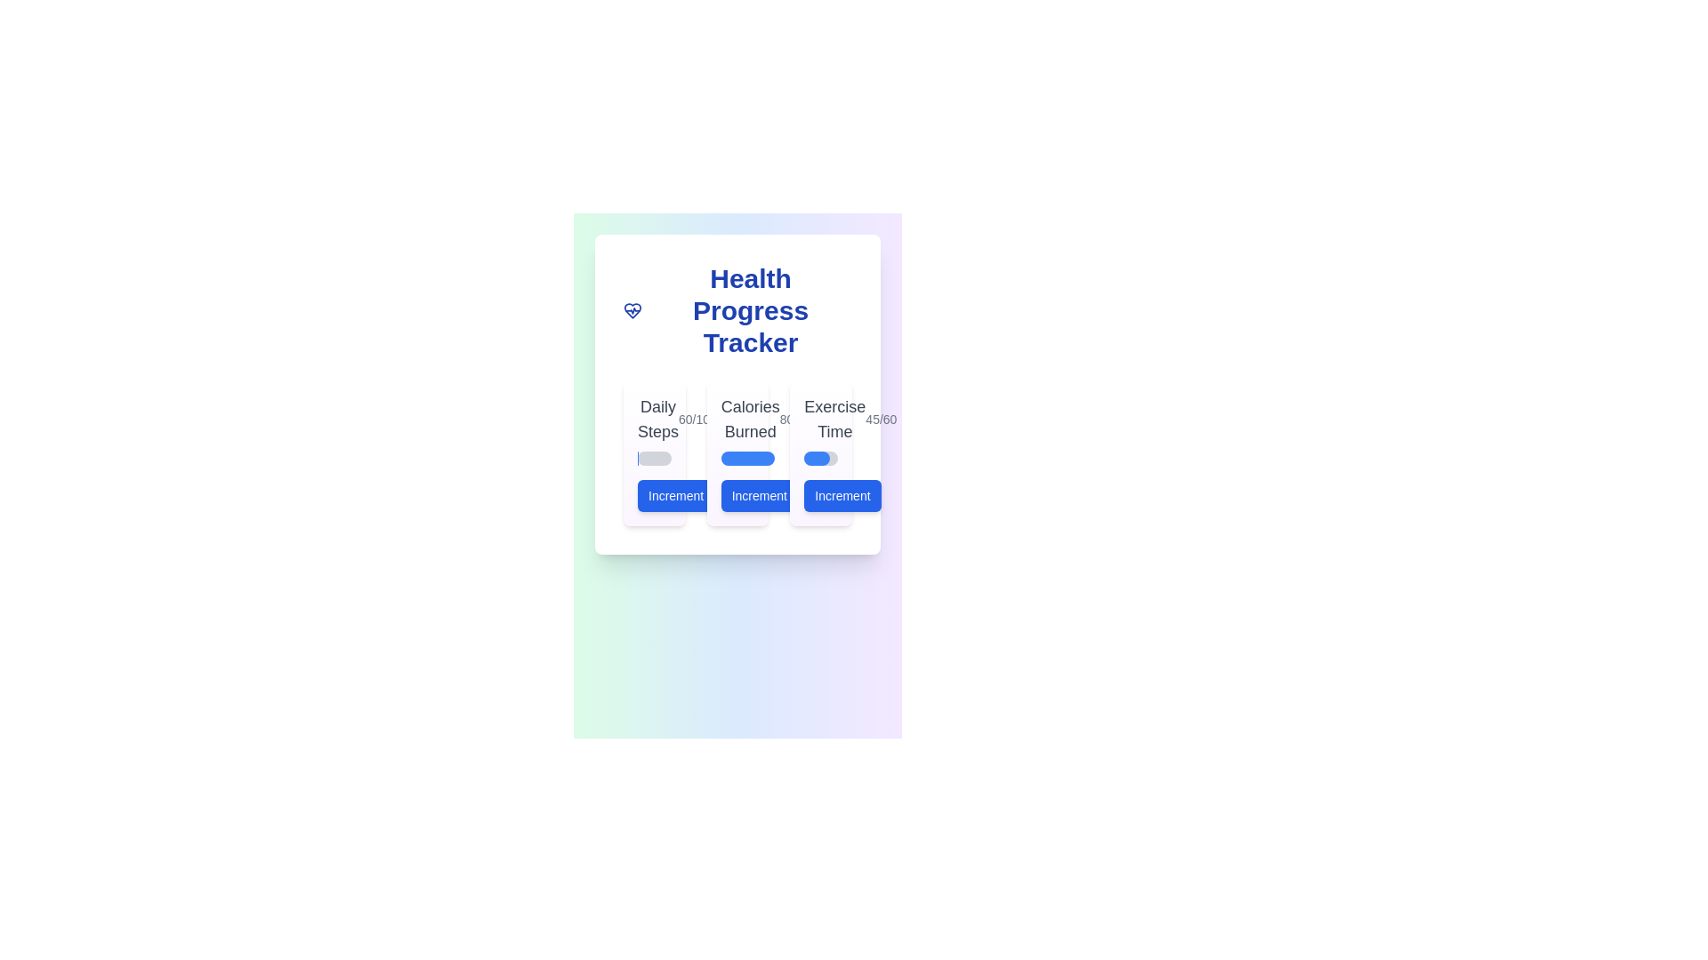  I want to click on the heart-with-pulse icon located in the Health Progress Tracker card by clicking on the surrounding area, so click(632, 310).